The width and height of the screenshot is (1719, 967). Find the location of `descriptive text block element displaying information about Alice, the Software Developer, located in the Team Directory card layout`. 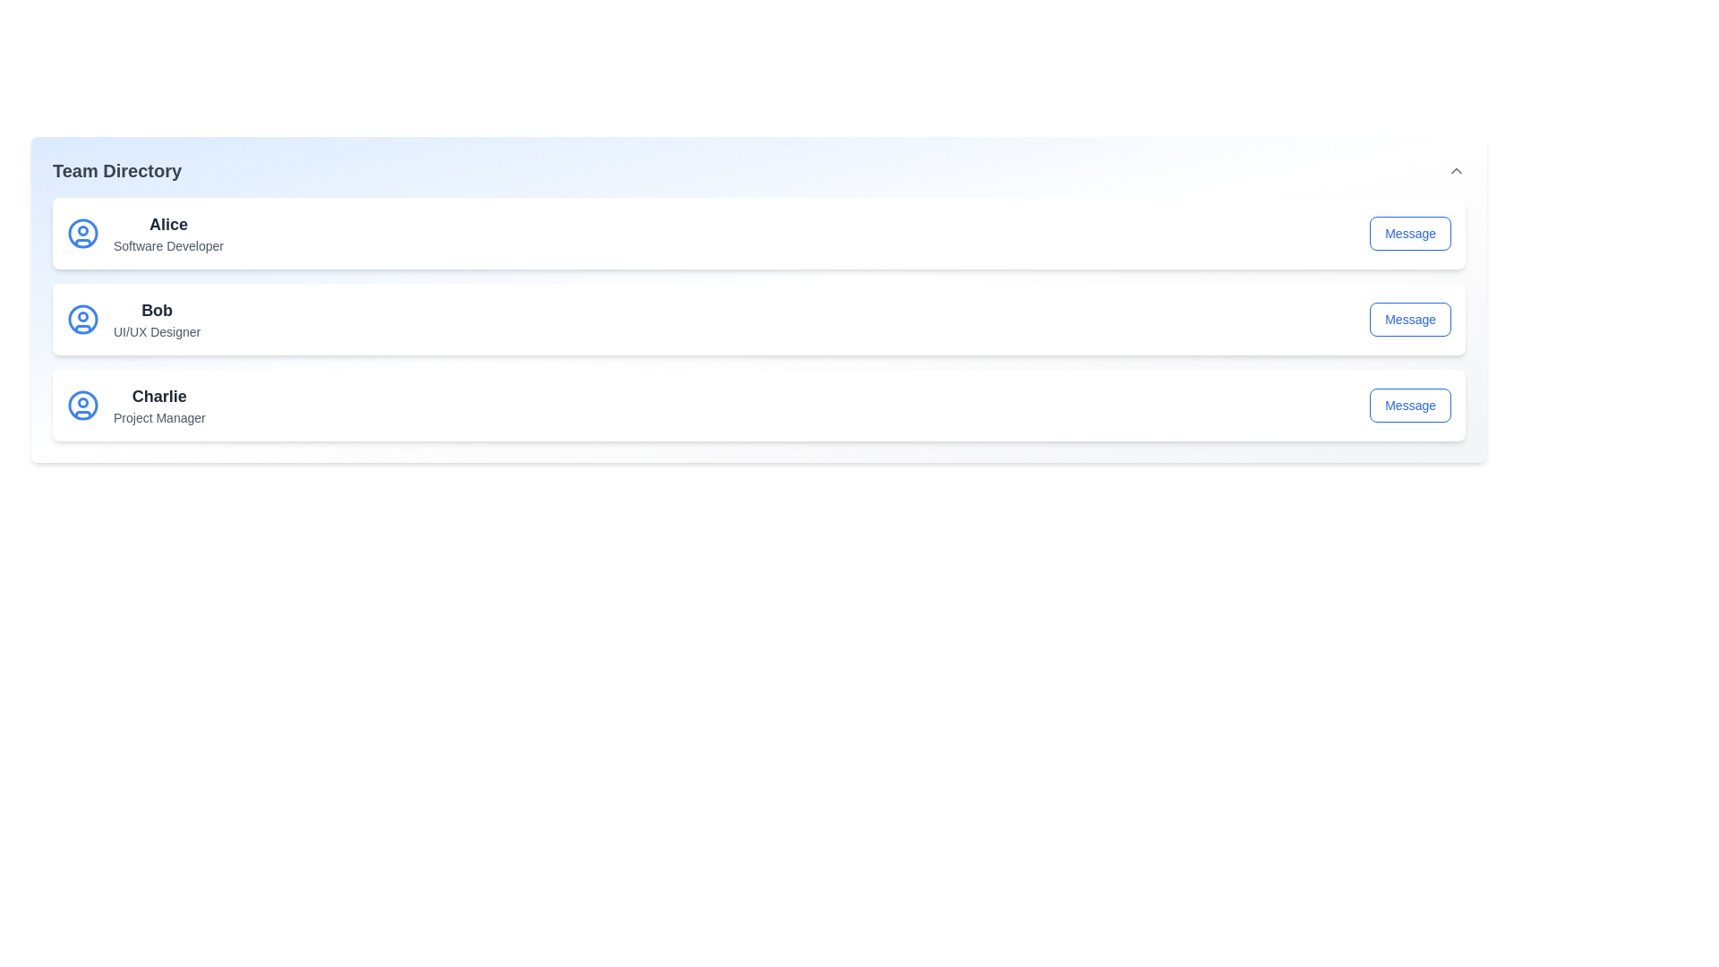

descriptive text block element displaying information about Alice, the Software Developer, located in the Team Directory card layout is located at coordinates (168, 233).